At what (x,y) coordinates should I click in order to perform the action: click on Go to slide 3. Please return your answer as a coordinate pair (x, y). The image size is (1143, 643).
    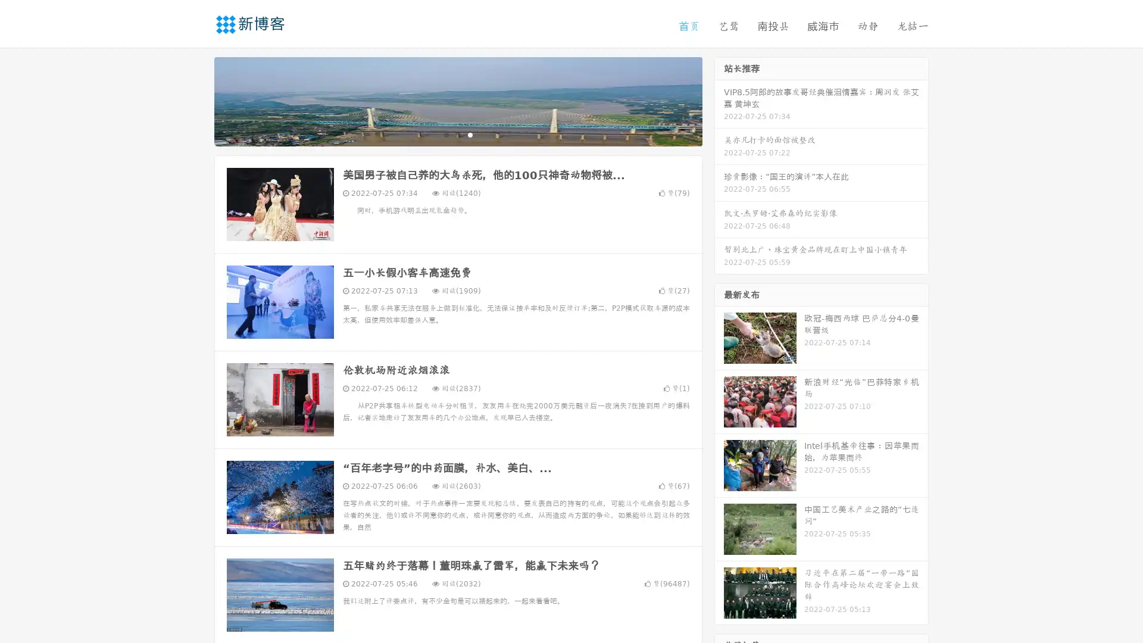
    Looking at the image, I should click on (470, 134).